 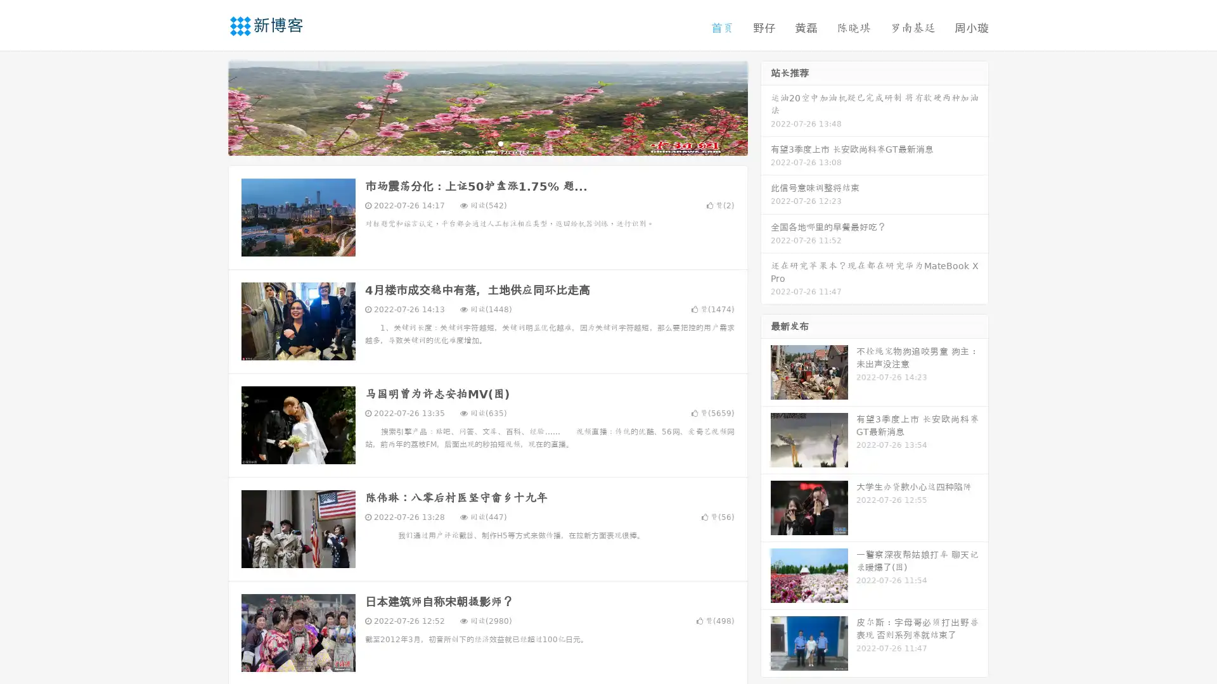 What do you see at coordinates (209, 106) in the screenshot?
I see `Previous slide` at bounding box center [209, 106].